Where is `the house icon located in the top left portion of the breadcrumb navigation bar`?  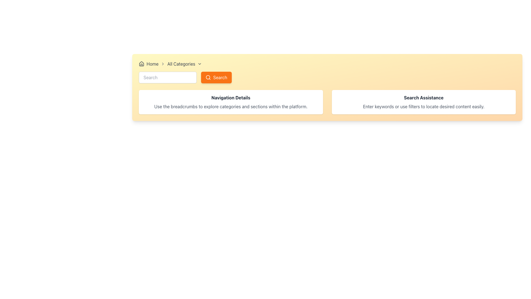
the house icon located in the top left portion of the breadcrumb navigation bar is located at coordinates (142, 63).